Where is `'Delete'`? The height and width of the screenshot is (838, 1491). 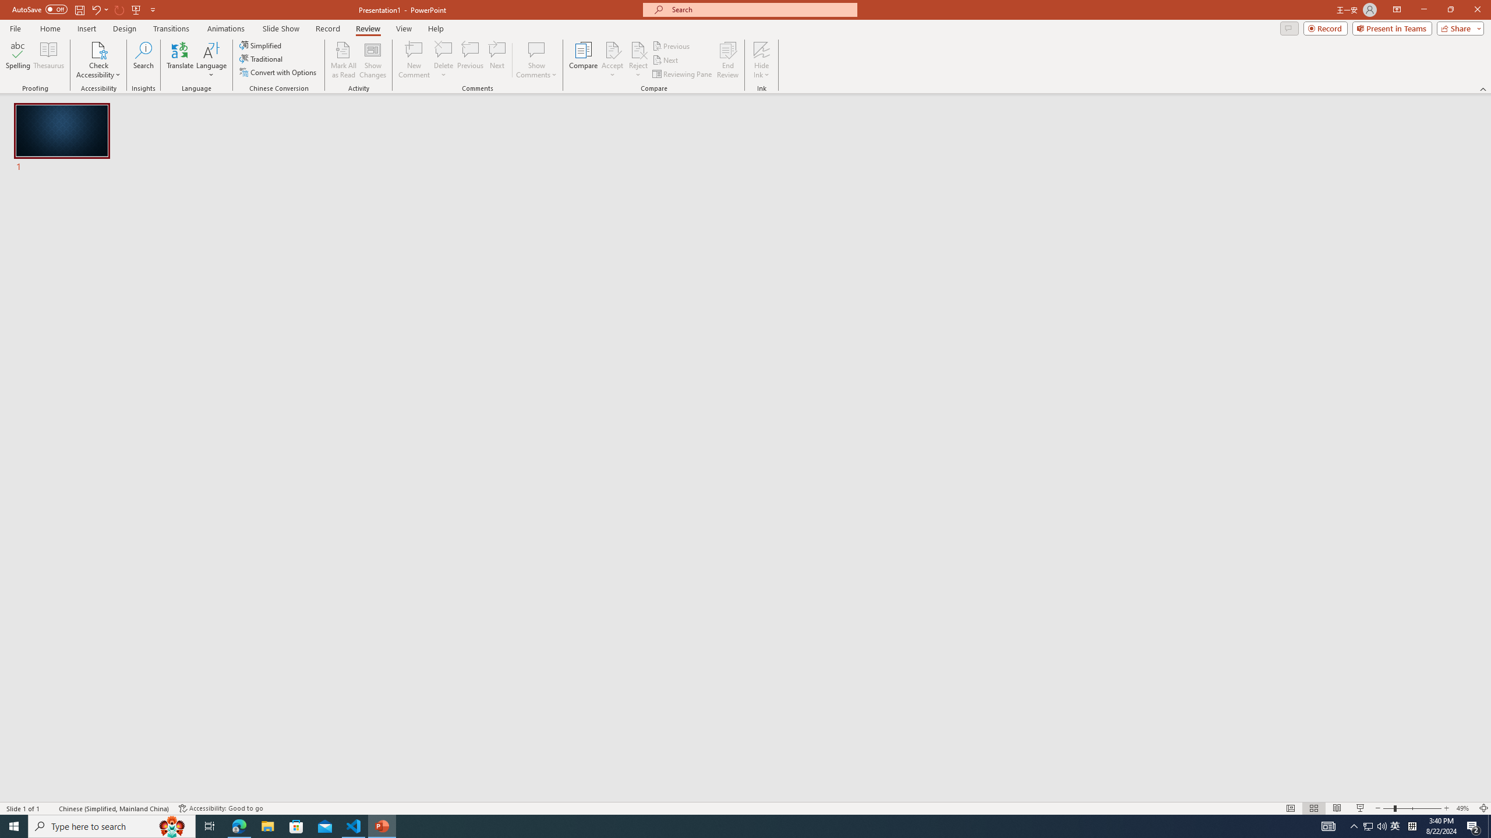 'Delete' is located at coordinates (443, 60).